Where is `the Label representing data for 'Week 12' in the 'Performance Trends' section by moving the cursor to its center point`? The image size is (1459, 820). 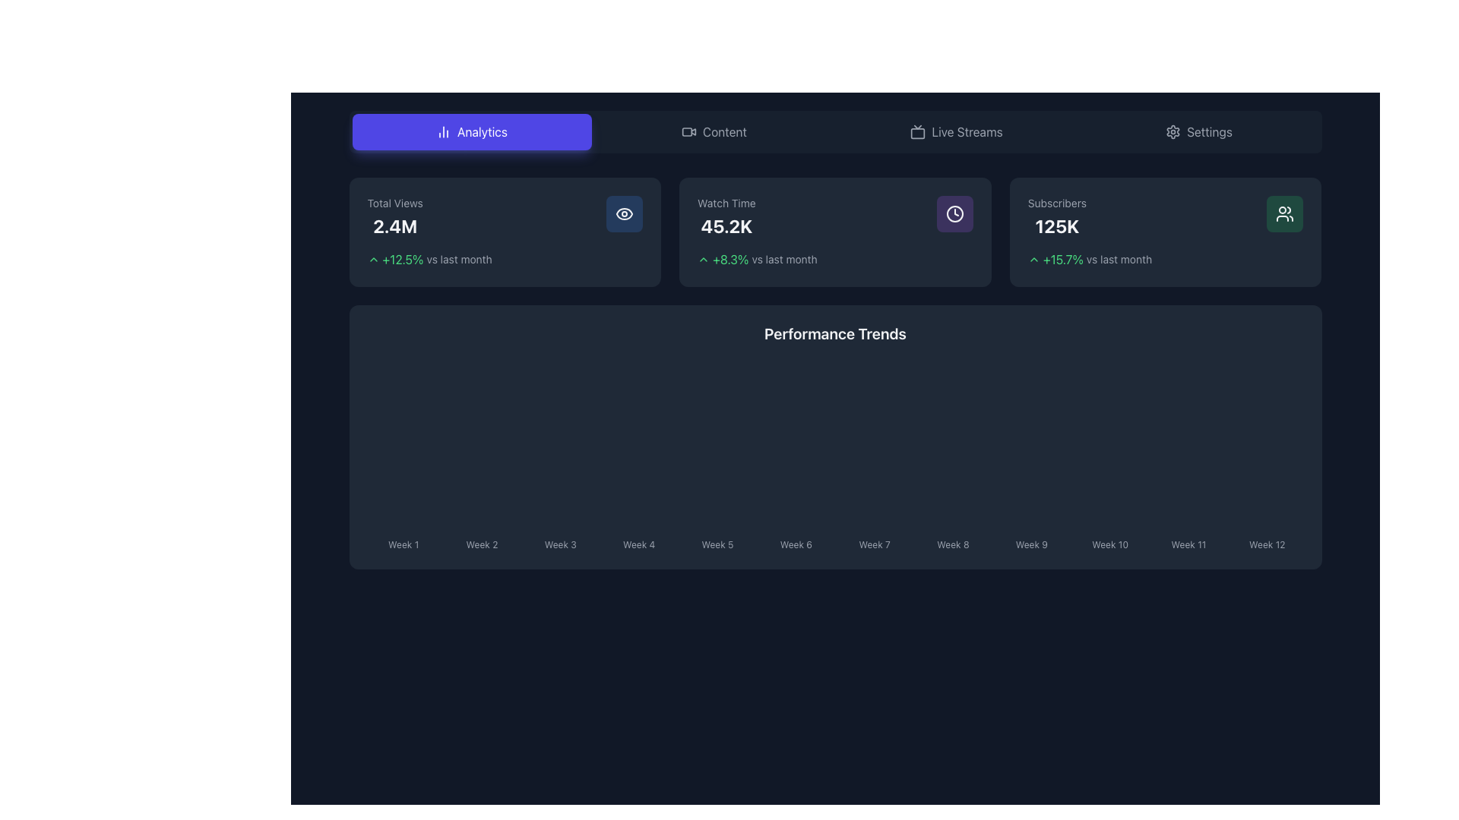
the Label representing data for 'Week 12' in the 'Performance Trends' section by moving the cursor to its center point is located at coordinates (1267, 541).